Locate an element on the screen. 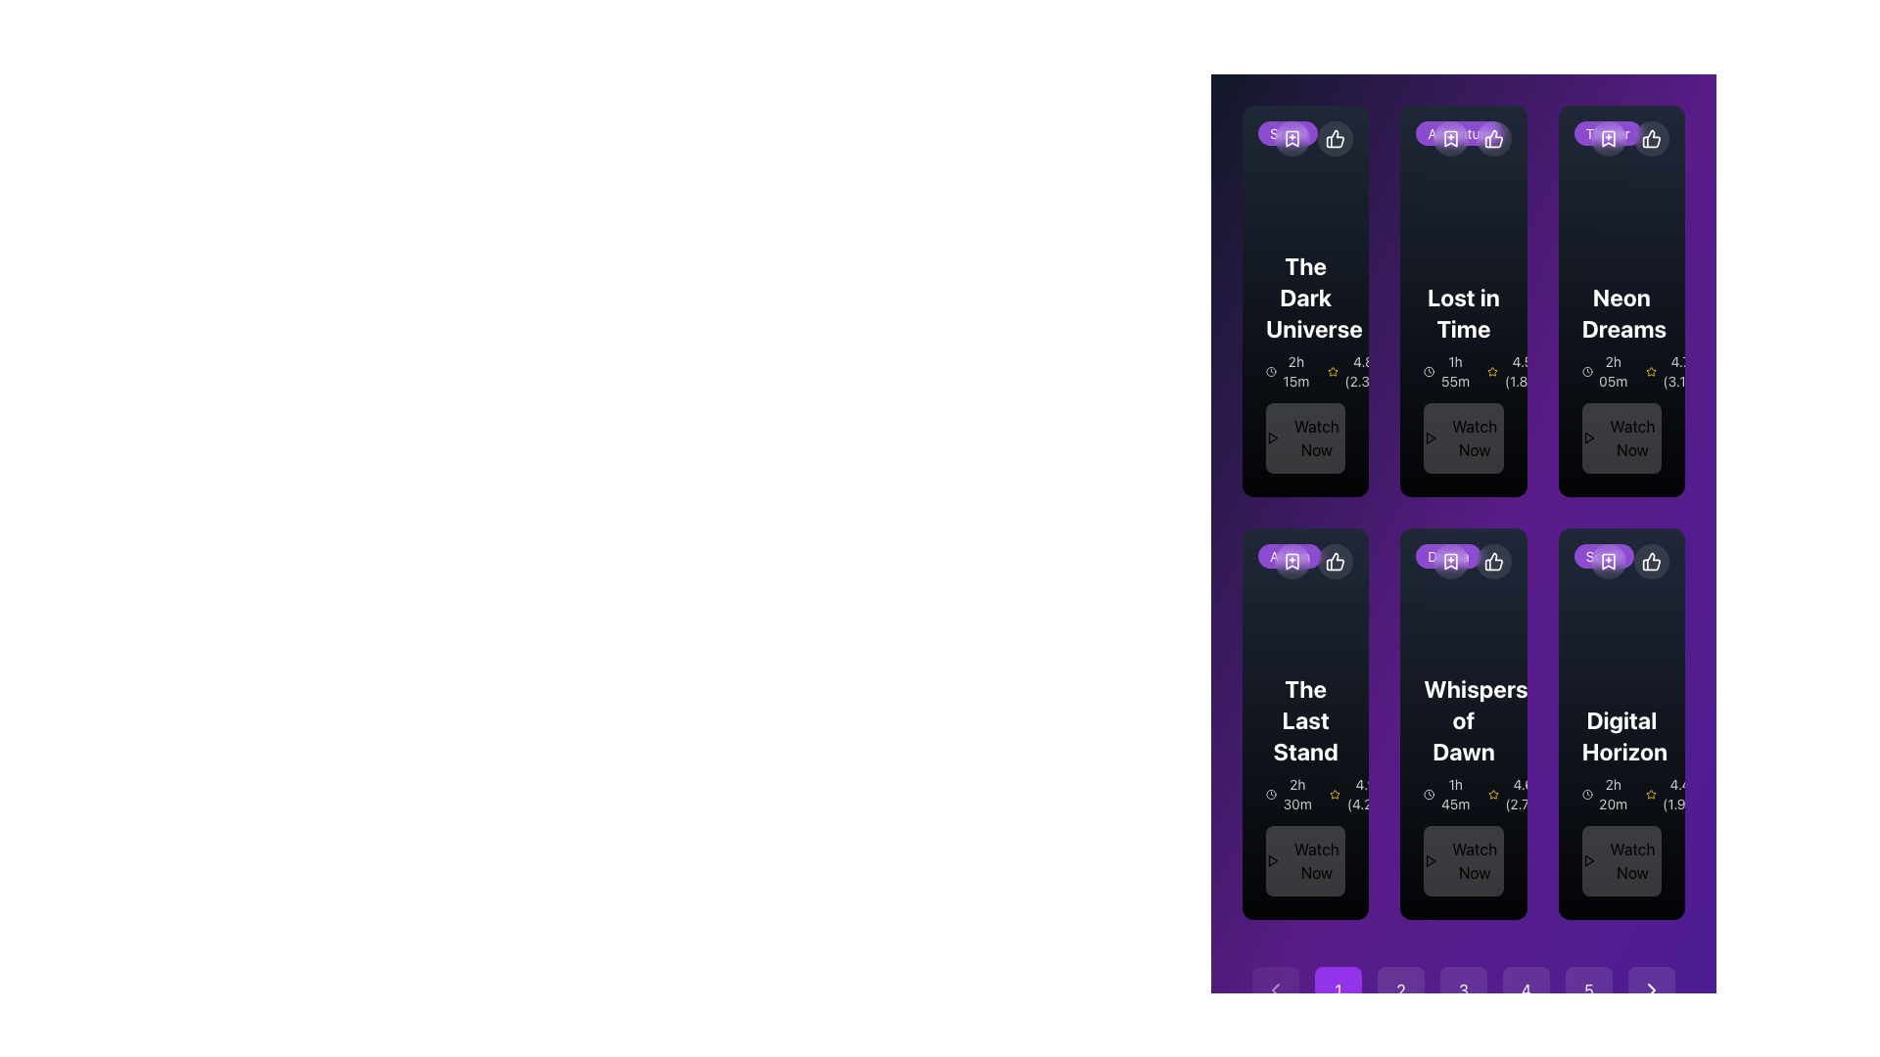  the time duration indicator icon located inside the 'Digital Horizon' panel, beneath the title and aligned to the left of '2h 20m' is located at coordinates (1587, 795).